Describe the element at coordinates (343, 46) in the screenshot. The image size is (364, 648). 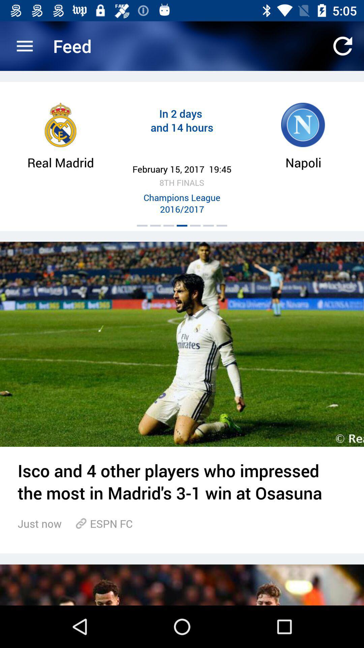
I see `app next to the feed icon` at that location.